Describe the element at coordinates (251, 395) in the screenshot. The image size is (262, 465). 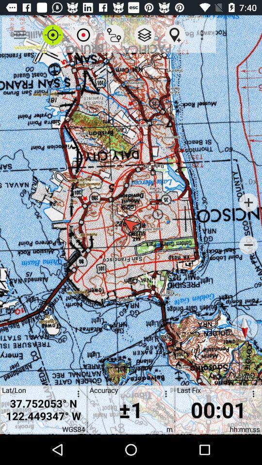
I see `drop down for options` at that location.